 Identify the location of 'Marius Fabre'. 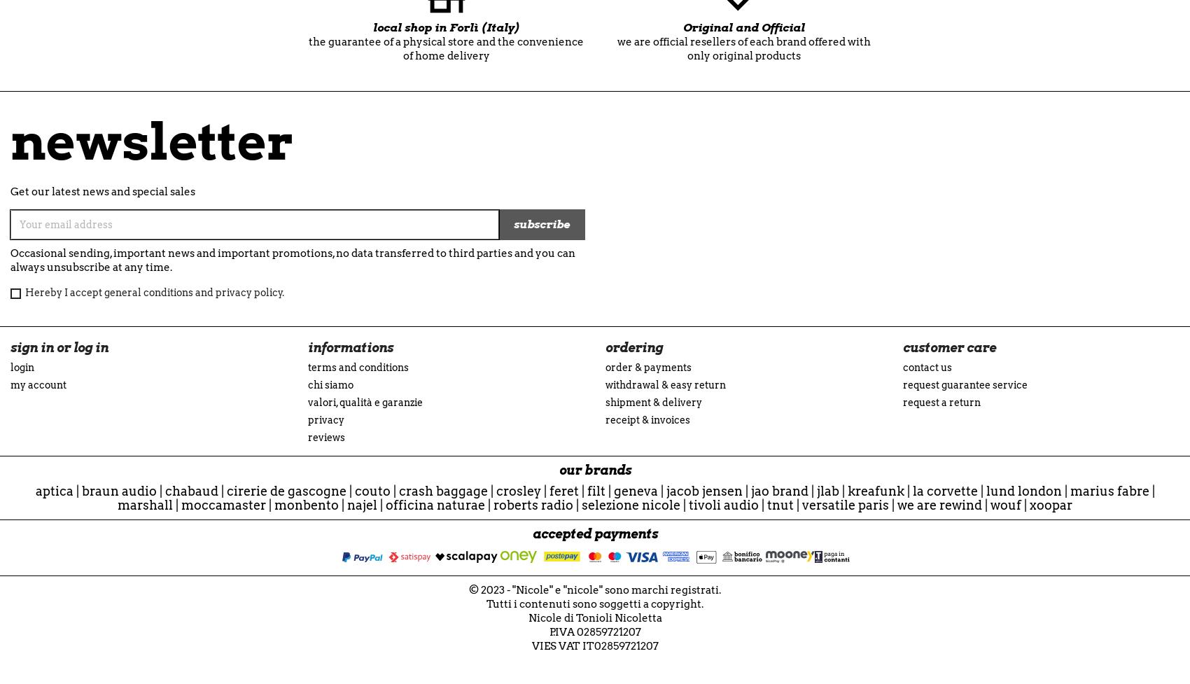
(1109, 491).